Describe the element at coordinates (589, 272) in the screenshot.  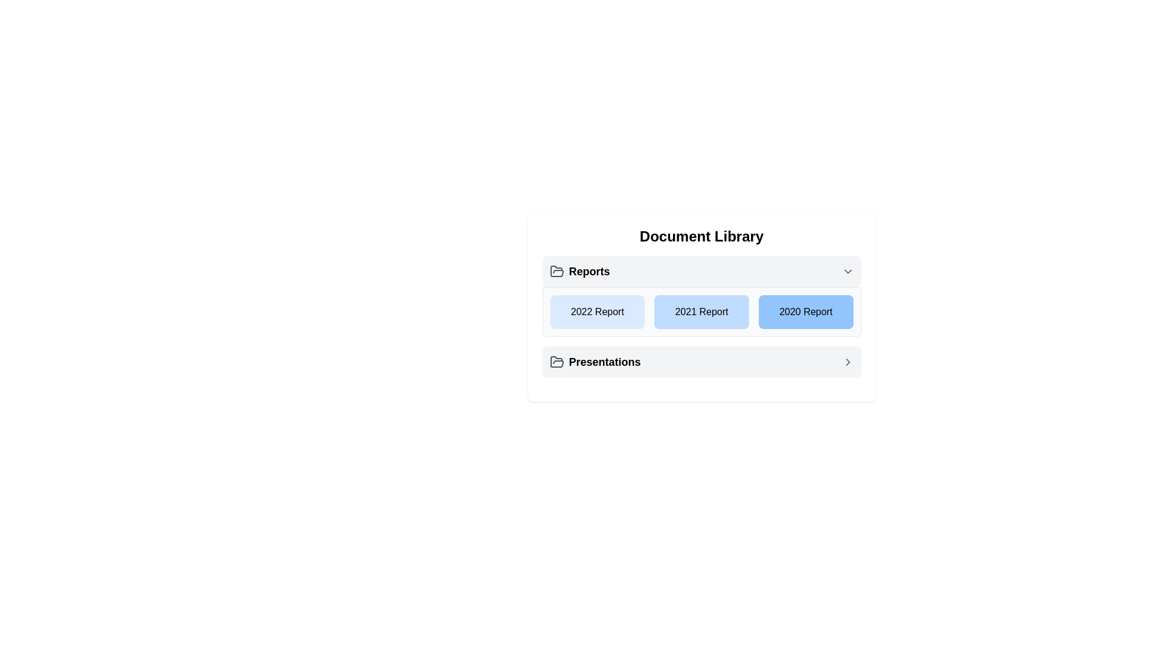
I see `static text label indicating the category of documents, specifically labeled 'Reports', positioned to the right of the folder icon in the Document Library section` at that location.